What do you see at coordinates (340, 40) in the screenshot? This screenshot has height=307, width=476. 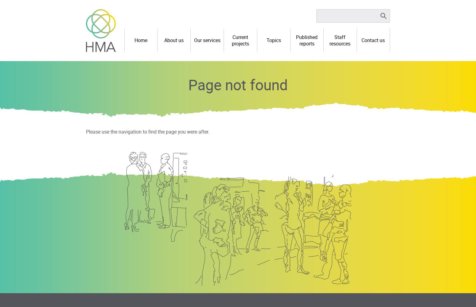 I see `'Staff resources'` at bounding box center [340, 40].